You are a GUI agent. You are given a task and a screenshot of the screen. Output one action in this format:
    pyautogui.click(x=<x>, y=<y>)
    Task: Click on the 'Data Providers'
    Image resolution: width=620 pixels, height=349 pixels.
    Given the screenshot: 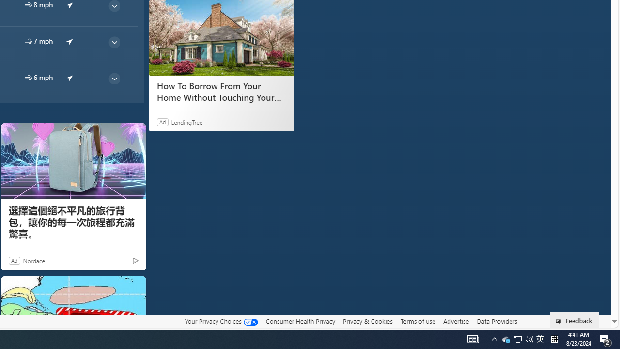 What is the action you would take?
    pyautogui.click(x=496, y=321)
    